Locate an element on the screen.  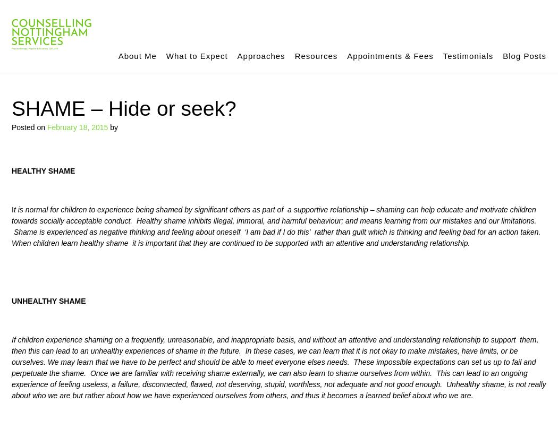
'Approaches' is located at coordinates (260, 55).